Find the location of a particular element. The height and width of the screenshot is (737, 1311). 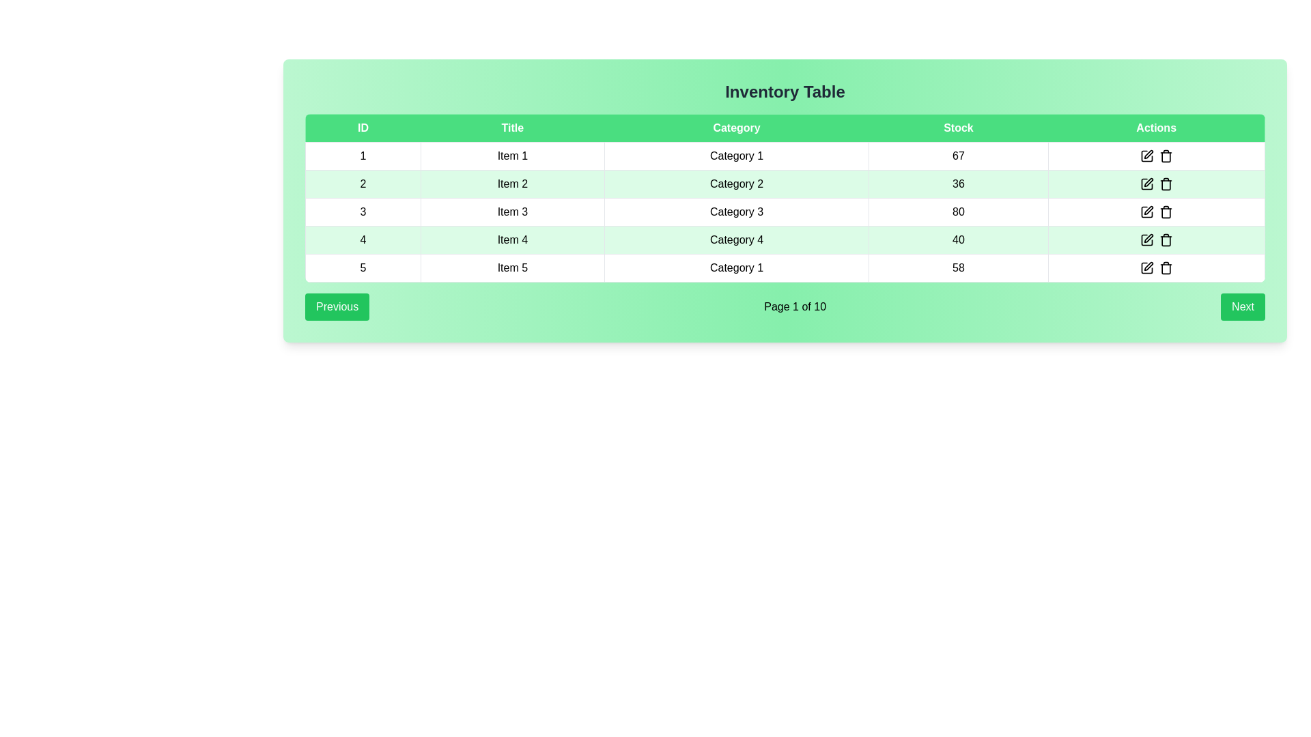

the table cell containing the text 'Item 1', which is located in the second column of the first row, styled with a border and centered text is located at coordinates (511, 155).